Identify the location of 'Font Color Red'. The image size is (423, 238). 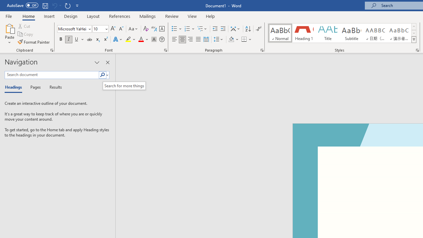
(140, 39).